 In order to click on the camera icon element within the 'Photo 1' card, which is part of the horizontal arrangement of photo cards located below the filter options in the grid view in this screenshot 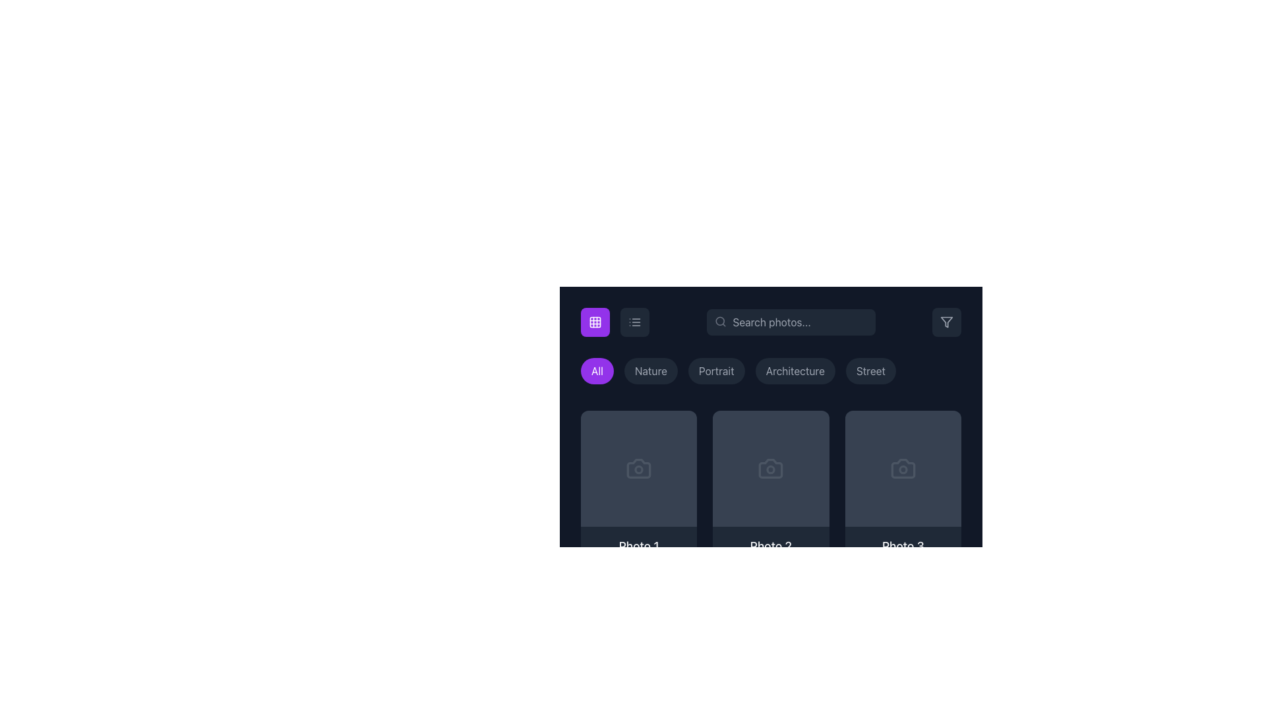, I will do `click(639, 468)`.